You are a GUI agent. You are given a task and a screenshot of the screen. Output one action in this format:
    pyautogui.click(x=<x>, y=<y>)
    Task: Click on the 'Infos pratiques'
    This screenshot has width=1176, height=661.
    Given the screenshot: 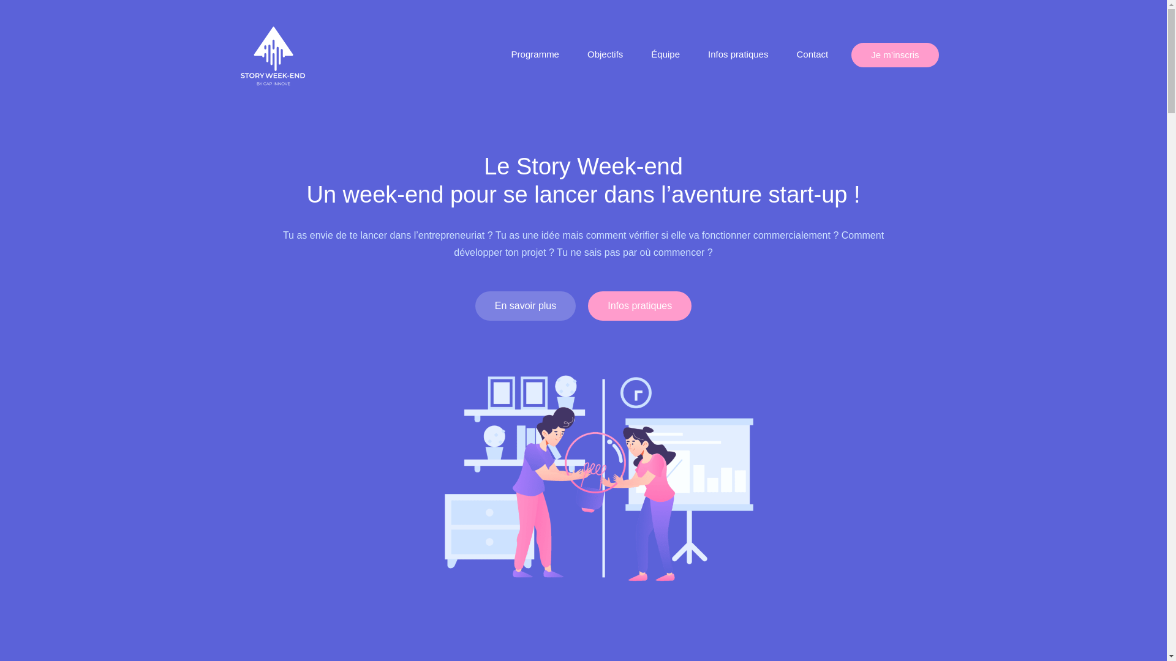 What is the action you would take?
    pyautogui.click(x=639, y=305)
    